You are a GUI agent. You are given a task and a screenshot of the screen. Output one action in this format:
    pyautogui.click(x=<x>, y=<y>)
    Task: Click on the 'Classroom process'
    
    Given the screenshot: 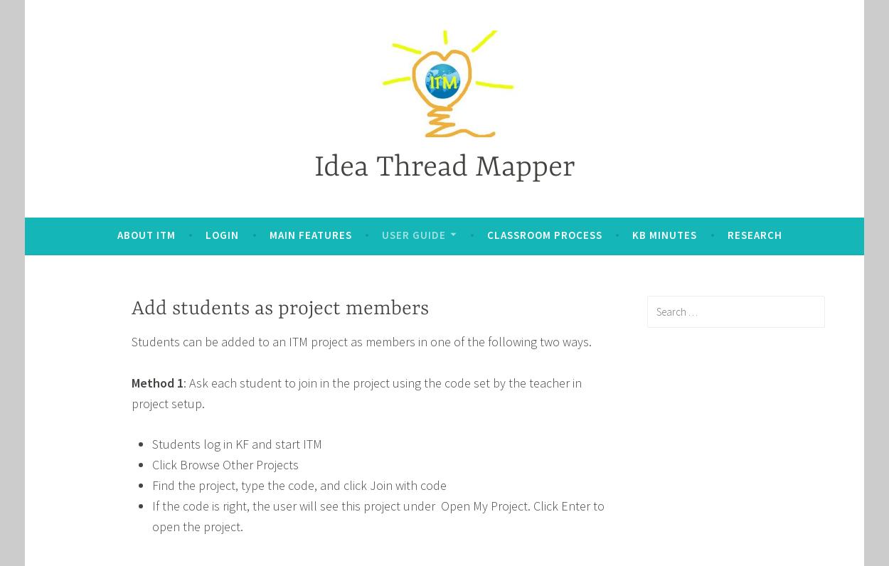 What is the action you would take?
    pyautogui.click(x=544, y=235)
    